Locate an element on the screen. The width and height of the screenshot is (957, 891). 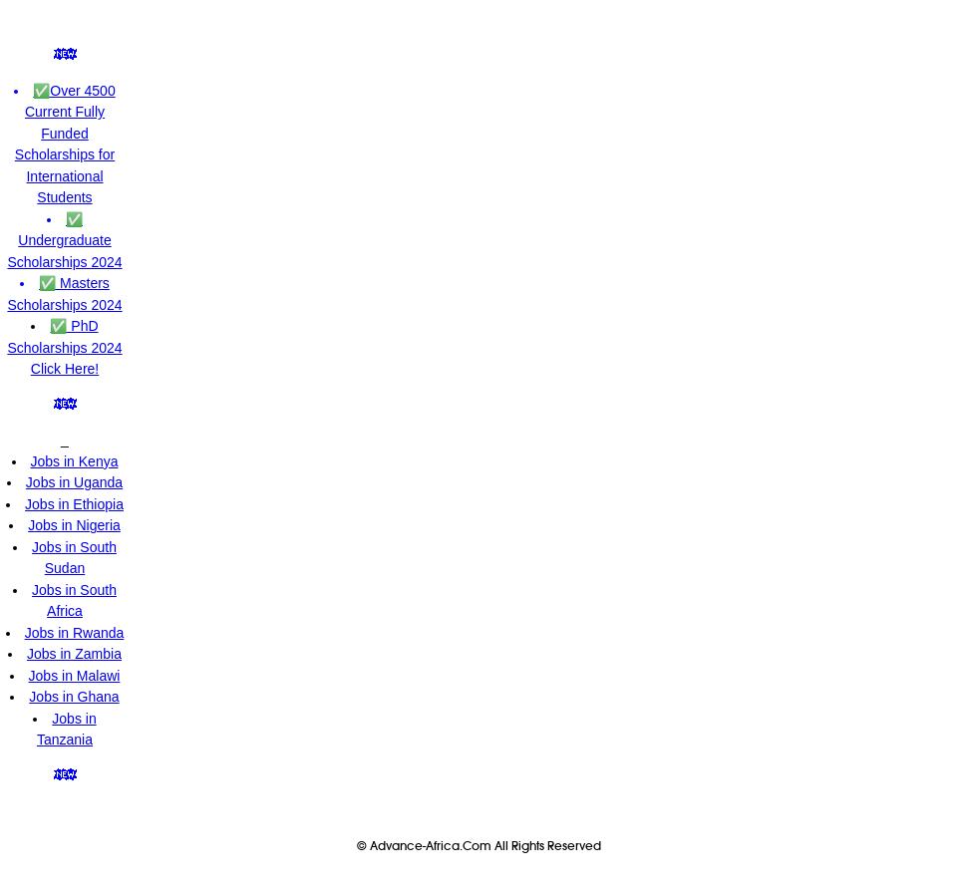
'✅ PhD Scholarships 2024

Click Here!' is located at coordinates (64, 346).